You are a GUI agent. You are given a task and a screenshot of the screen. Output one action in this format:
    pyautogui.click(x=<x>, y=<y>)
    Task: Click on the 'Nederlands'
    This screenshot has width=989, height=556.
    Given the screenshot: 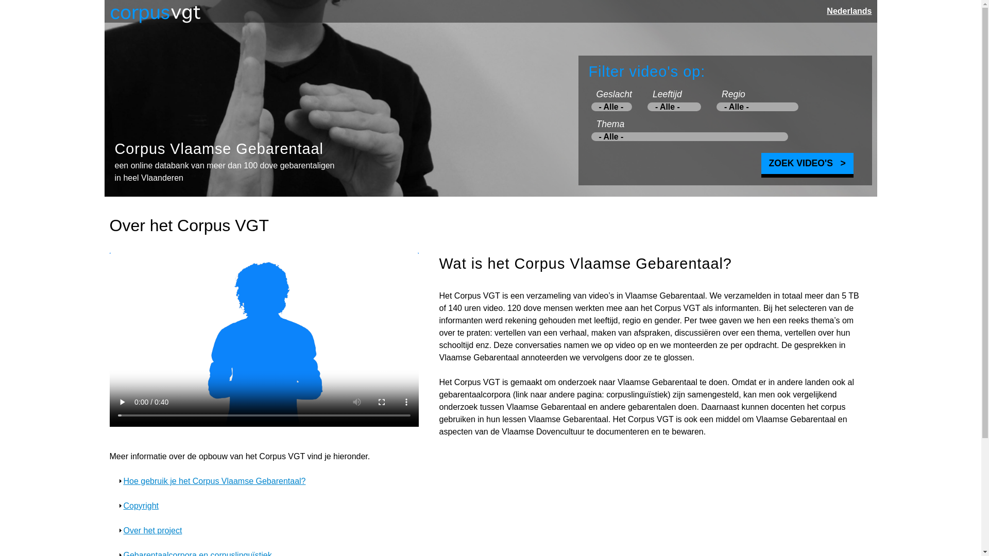 What is the action you would take?
    pyautogui.click(x=849, y=11)
    